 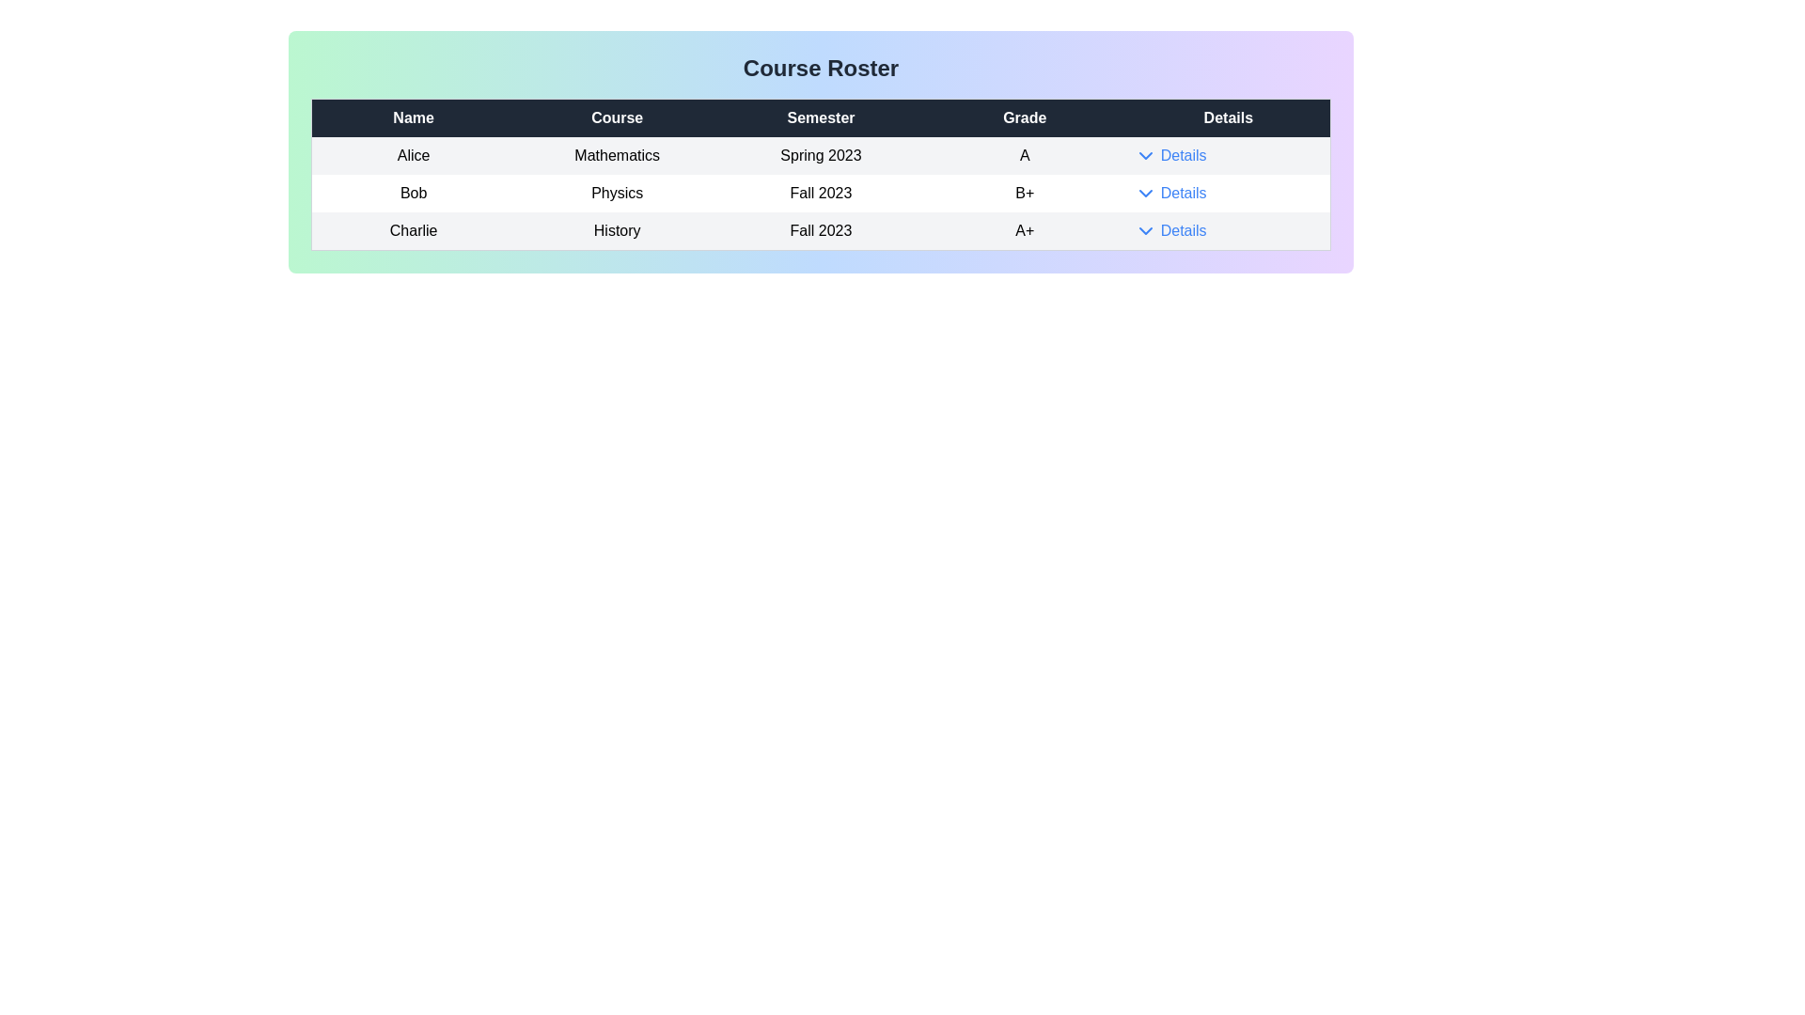 What do you see at coordinates (1229, 154) in the screenshot?
I see `the interactive link or button in the last column of the first row of the course roster table for 'Alice'` at bounding box center [1229, 154].